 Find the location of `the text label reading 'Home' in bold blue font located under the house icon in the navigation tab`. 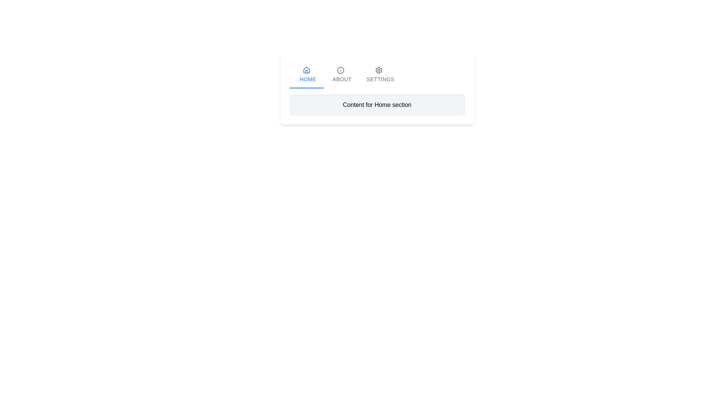

the text label reading 'Home' in bold blue font located under the house icon in the navigation tab is located at coordinates (308, 80).